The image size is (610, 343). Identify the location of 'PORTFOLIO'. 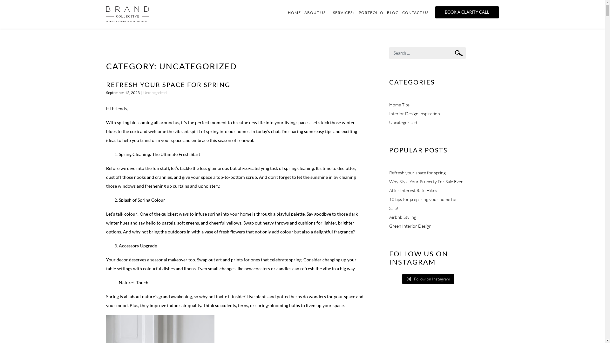
(373, 12).